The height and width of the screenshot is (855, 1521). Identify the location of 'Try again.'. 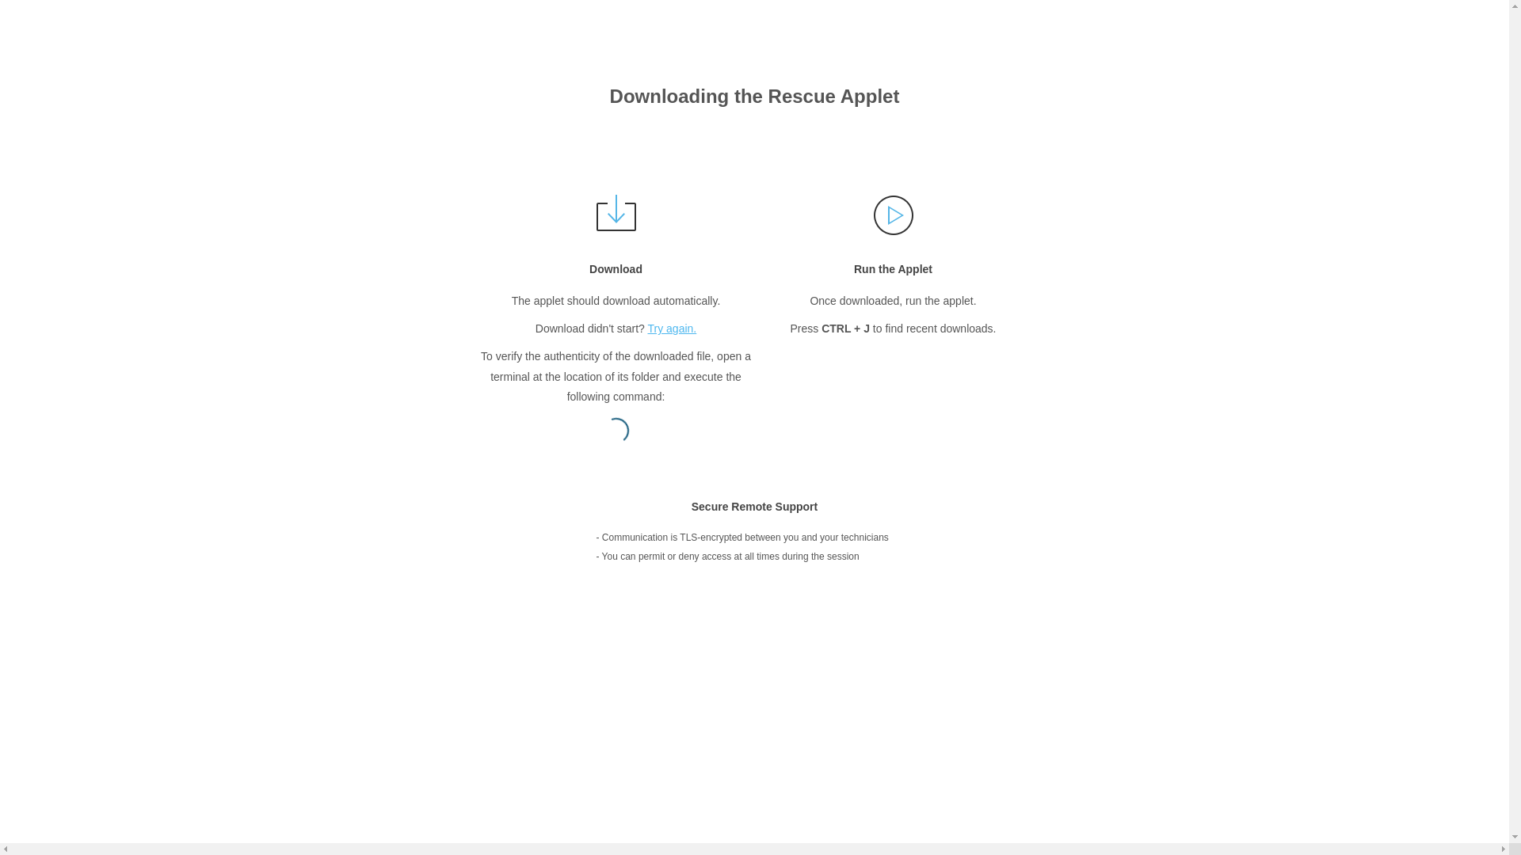
(647, 328).